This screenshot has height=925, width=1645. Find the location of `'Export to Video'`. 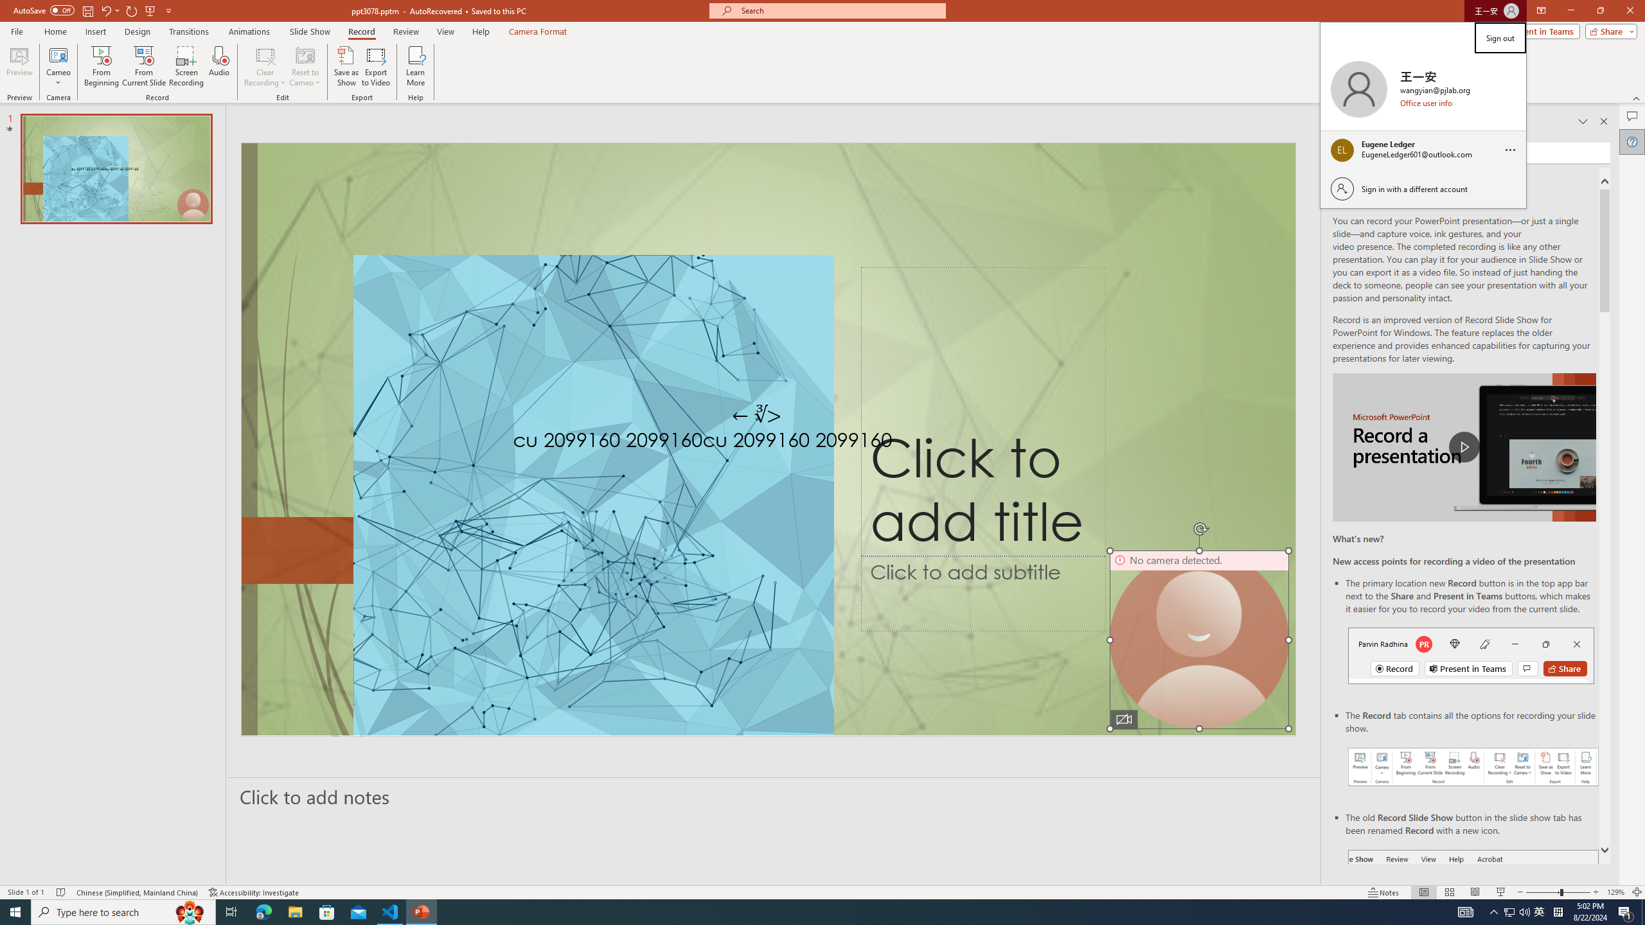

'Export to Video' is located at coordinates (375, 66).